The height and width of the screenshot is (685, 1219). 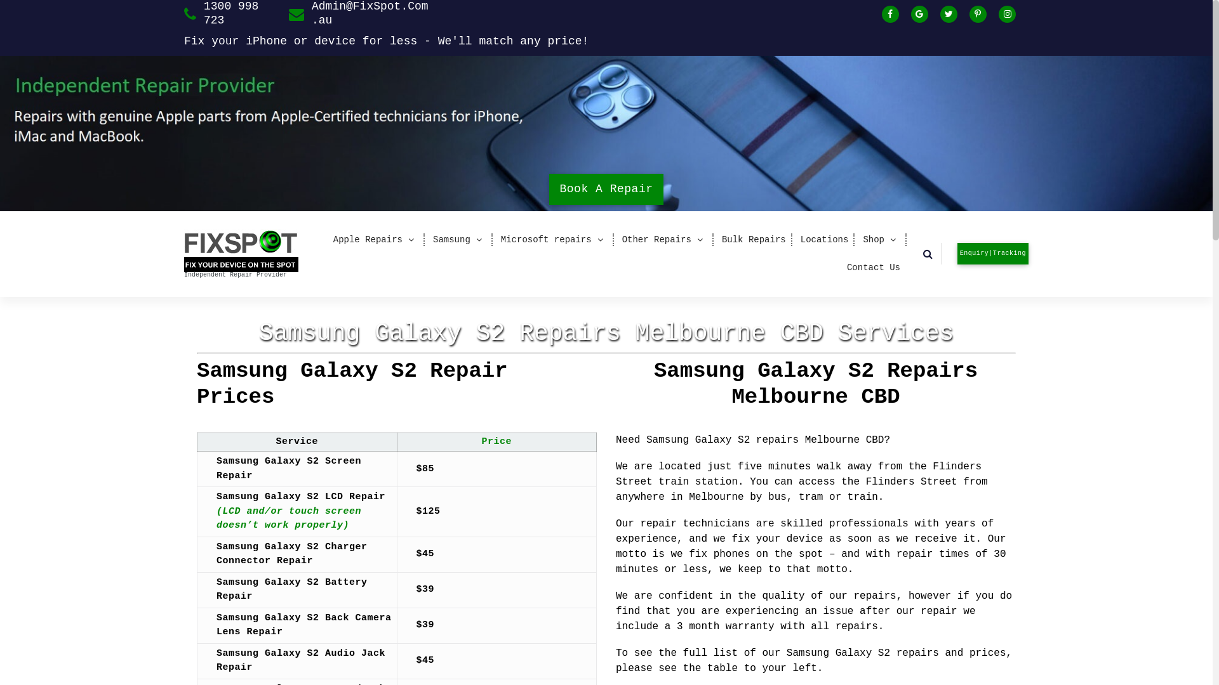 I want to click on 'Admin@FixSpot.Com.au', so click(x=311, y=13).